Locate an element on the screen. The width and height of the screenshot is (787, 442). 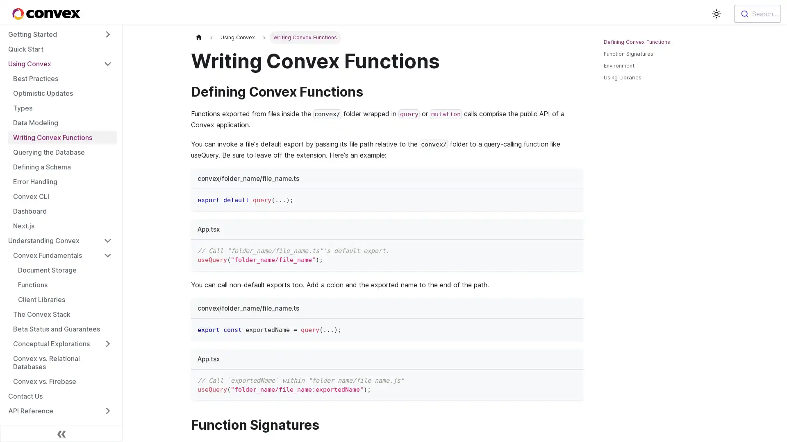
Toggle the collapsible sidebar category 'Using Convex' is located at coordinates (107, 63).